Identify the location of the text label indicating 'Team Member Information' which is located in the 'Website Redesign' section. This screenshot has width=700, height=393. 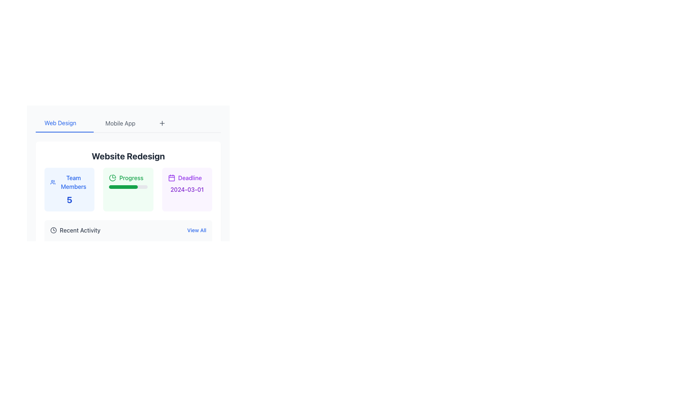
(73, 182).